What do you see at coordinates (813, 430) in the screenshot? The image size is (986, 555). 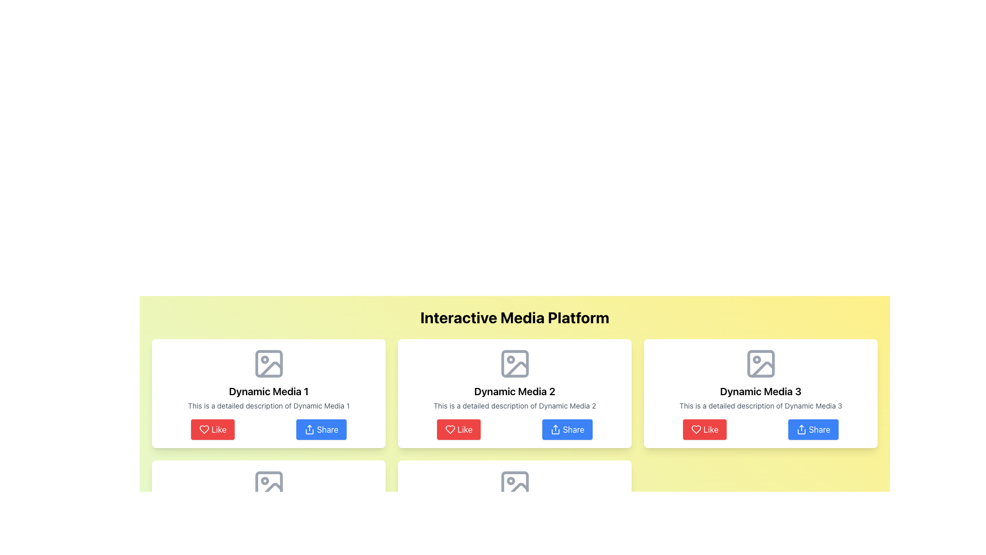 I see `the blue 'Share' button with rounded corners and an arrow icon, located in the bottom-right corner of the 'Dynamic Media 3' card` at bounding box center [813, 430].